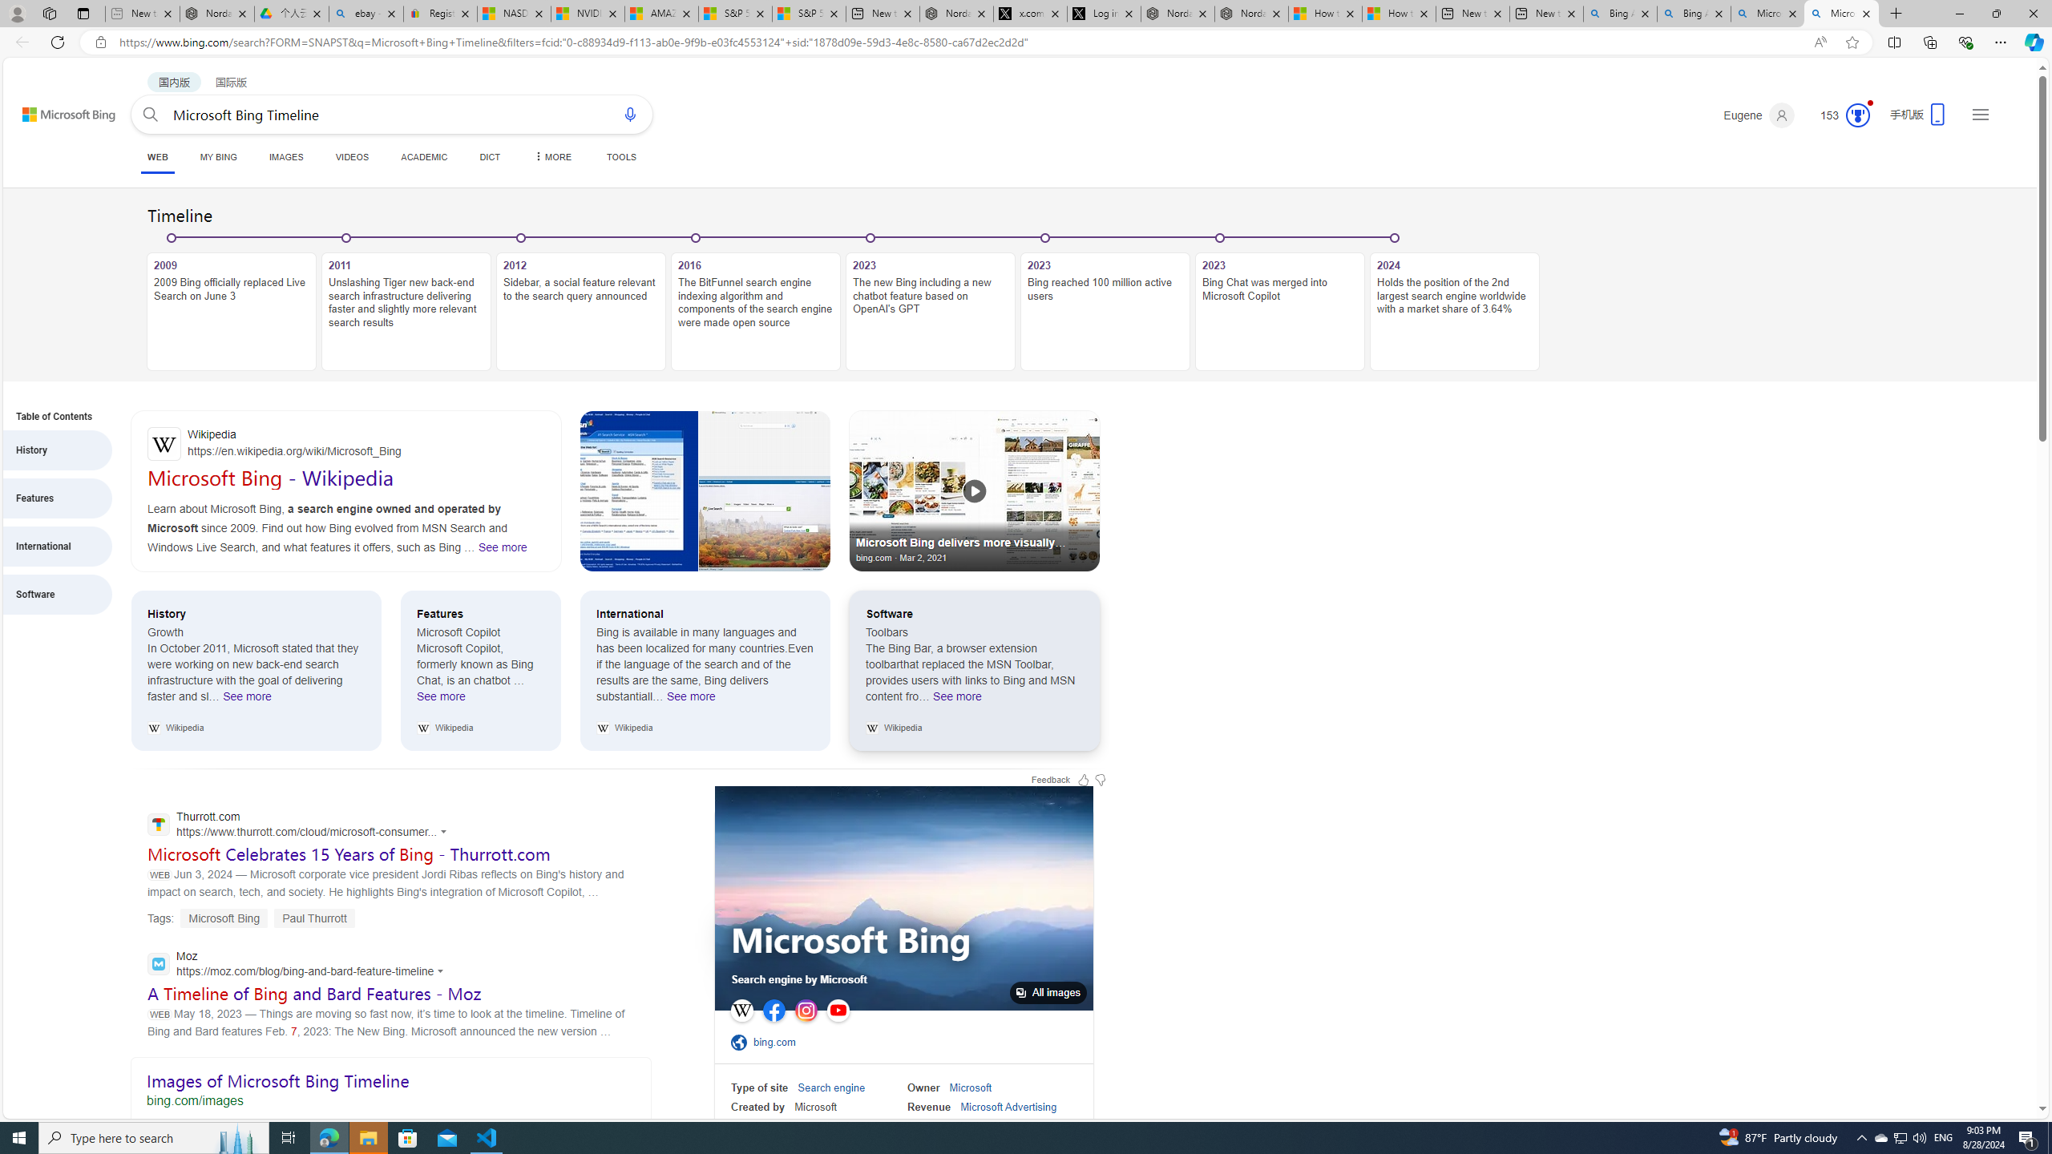 The image size is (2052, 1154). I want to click on 'Eugene', so click(1759, 115).